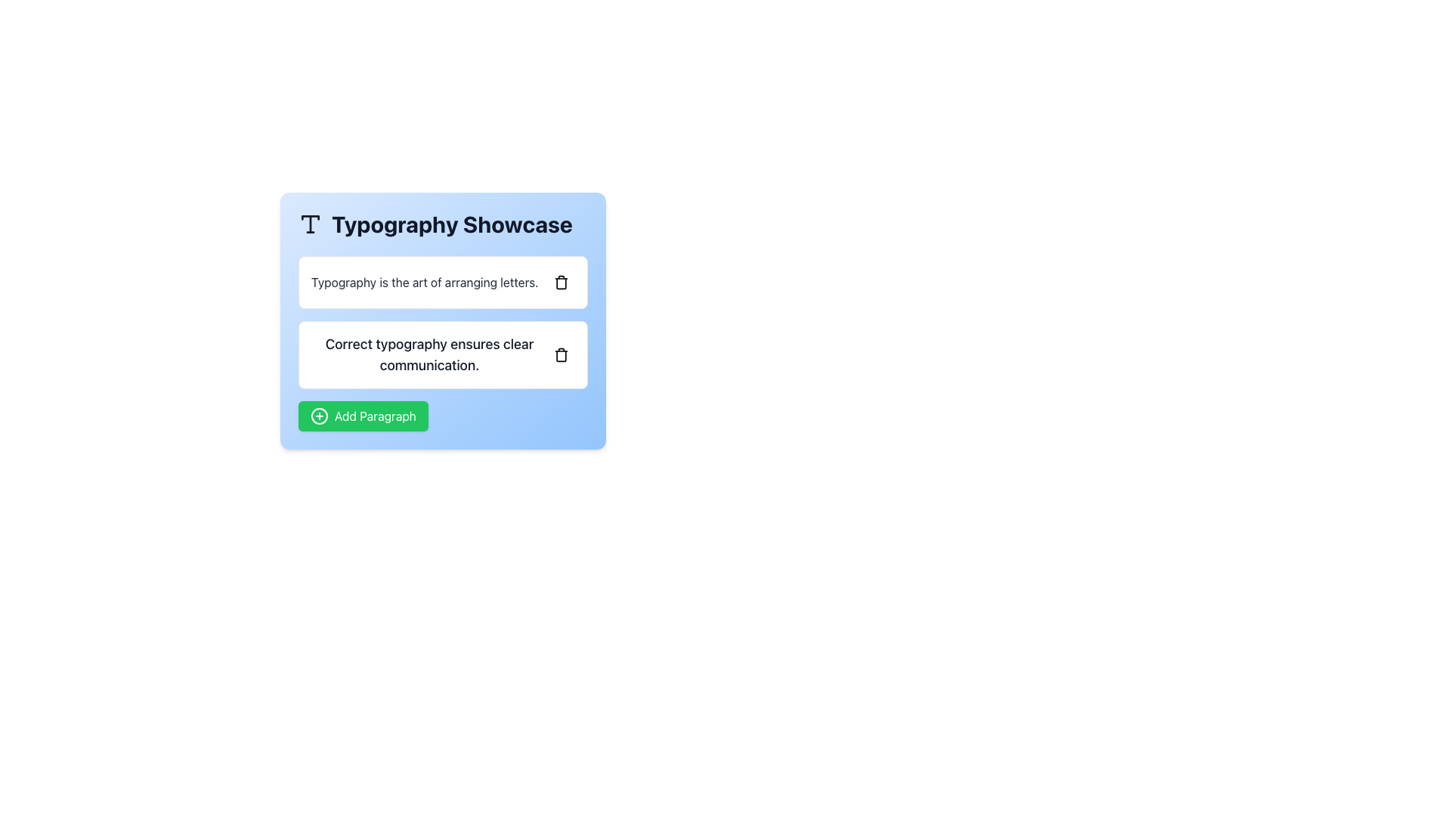  What do you see at coordinates (428, 355) in the screenshot?
I see `the informational text element located within a white rectangular card with rounded corners, positioned to the left of the trash can icon button` at bounding box center [428, 355].